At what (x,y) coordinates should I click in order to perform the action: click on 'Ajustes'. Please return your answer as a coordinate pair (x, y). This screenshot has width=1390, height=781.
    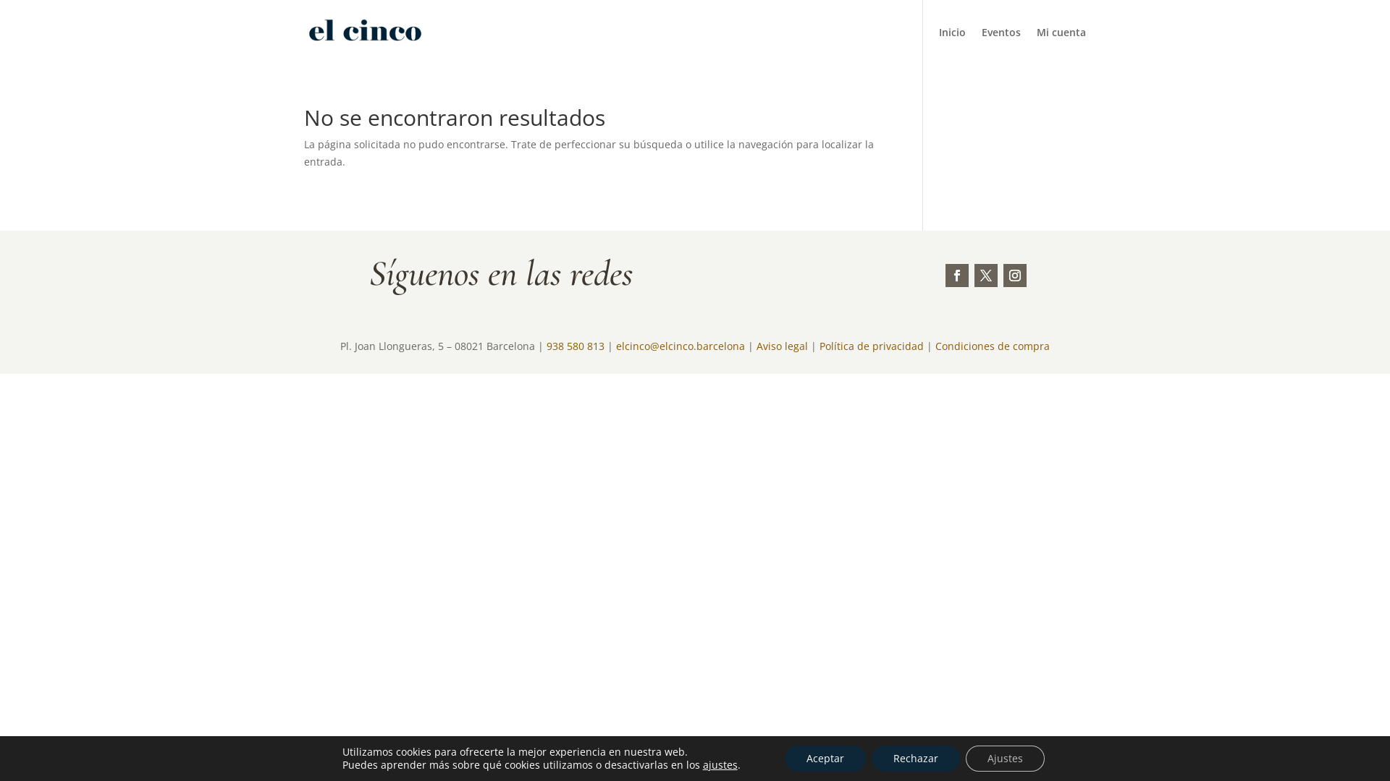
    Looking at the image, I should click on (1004, 758).